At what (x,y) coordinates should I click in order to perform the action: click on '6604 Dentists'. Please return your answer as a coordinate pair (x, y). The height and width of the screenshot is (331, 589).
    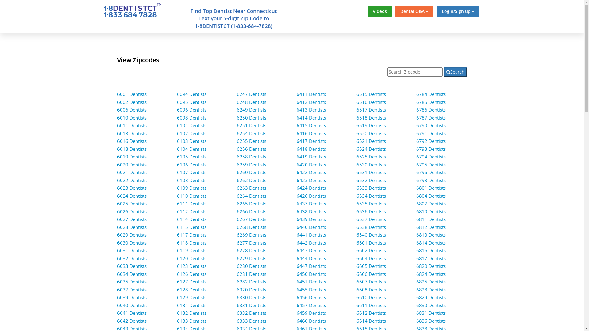
    Looking at the image, I should click on (371, 258).